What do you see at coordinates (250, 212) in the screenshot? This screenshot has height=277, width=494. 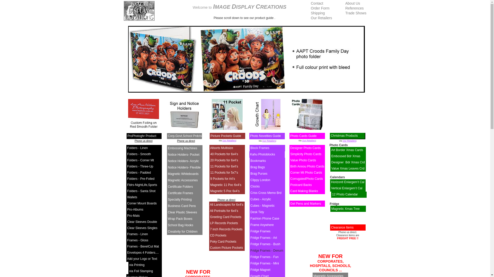 I see `'Desk Tidy'` at bounding box center [250, 212].